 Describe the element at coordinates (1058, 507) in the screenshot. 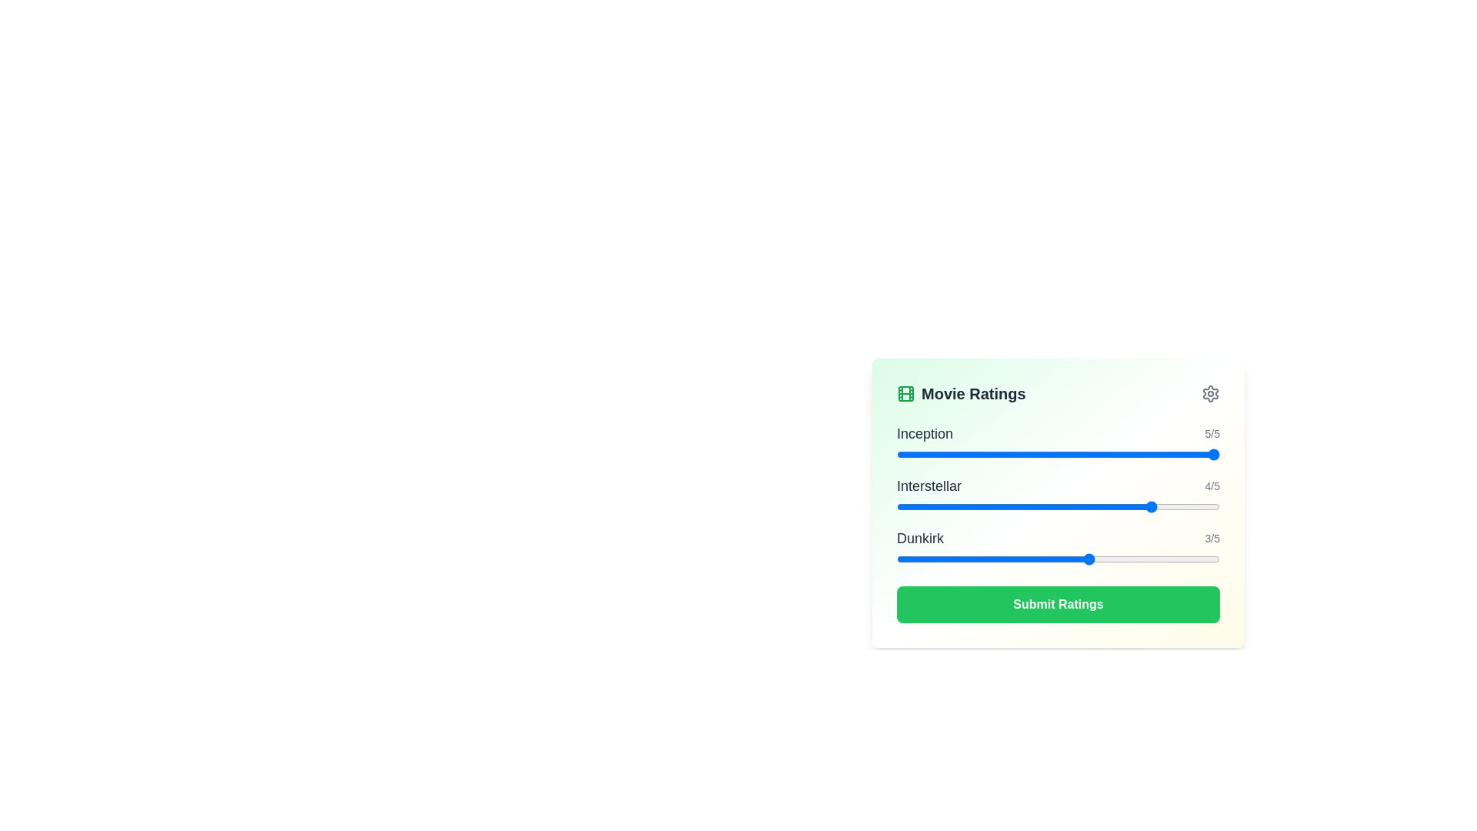

I see `the horizontal slider located beneath the text 'Interstellar' with a rating of '4/5'` at that location.